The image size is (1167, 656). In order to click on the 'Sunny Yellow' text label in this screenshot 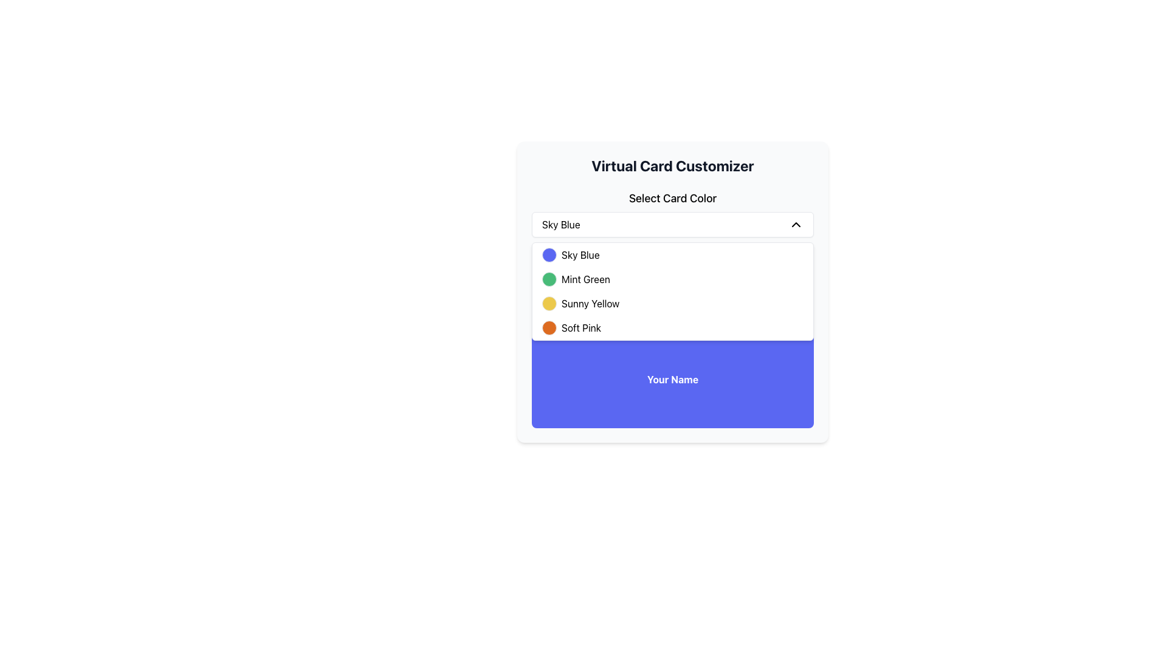, I will do `click(590, 303)`.